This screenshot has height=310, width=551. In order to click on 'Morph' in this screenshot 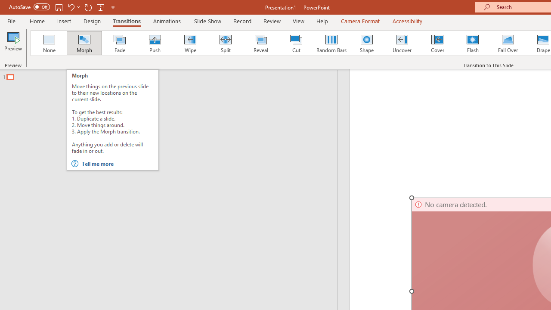, I will do `click(84, 43)`.